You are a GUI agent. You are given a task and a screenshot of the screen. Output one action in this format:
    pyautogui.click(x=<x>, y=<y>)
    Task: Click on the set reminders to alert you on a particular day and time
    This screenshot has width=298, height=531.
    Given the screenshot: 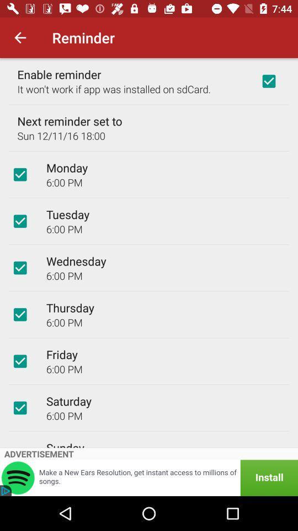 What is the action you would take?
    pyautogui.click(x=20, y=407)
    